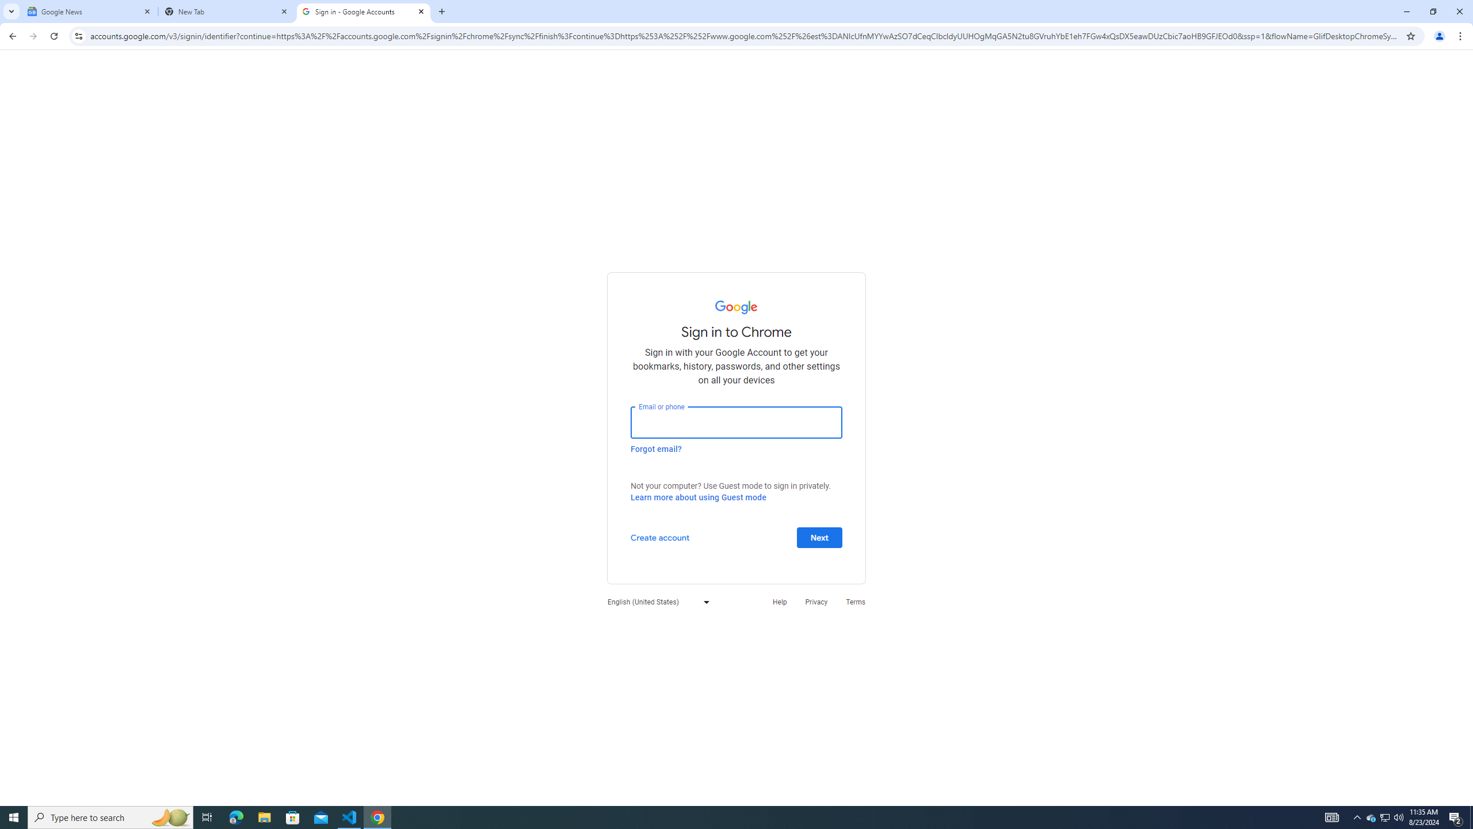  What do you see at coordinates (363, 11) in the screenshot?
I see `'Sign in - Google Accounts'` at bounding box center [363, 11].